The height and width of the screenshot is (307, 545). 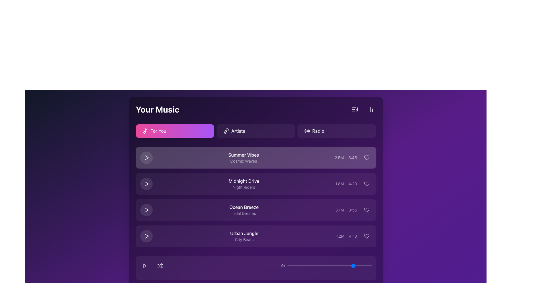 What do you see at coordinates (146, 184) in the screenshot?
I see `the rounded button with a translucent white background and a triangular play icon at the left side of the 'Midnight Drive' entry in the music playlist interface` at bounding box center [146, 184].